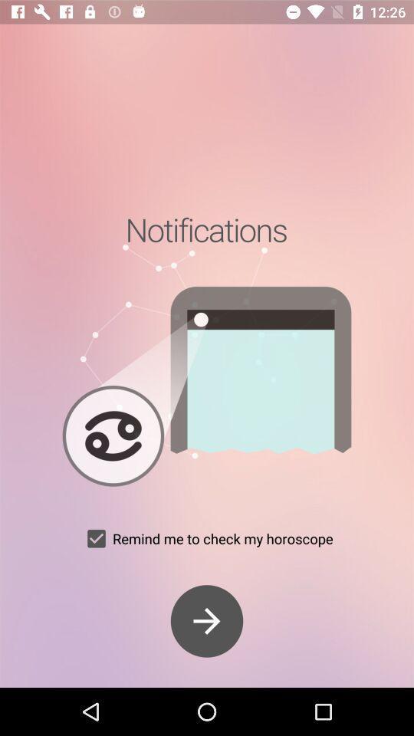  I want to click on next, so click(207, 621).